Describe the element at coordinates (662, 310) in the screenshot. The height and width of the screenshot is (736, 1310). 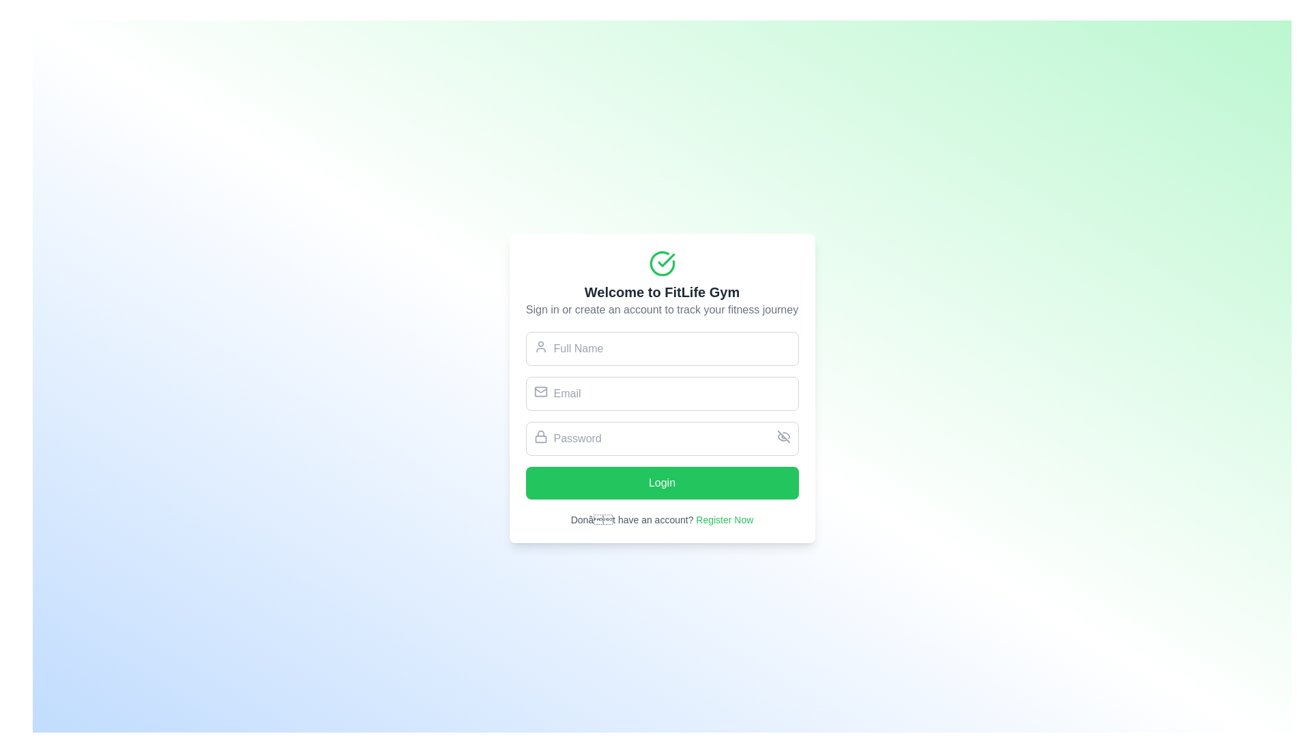
I see `the informative message text that guides users to log in or register an account for their fitness journey, located below the 'Welcome to FitLife Gym.' heading and above the form fields` at that location.